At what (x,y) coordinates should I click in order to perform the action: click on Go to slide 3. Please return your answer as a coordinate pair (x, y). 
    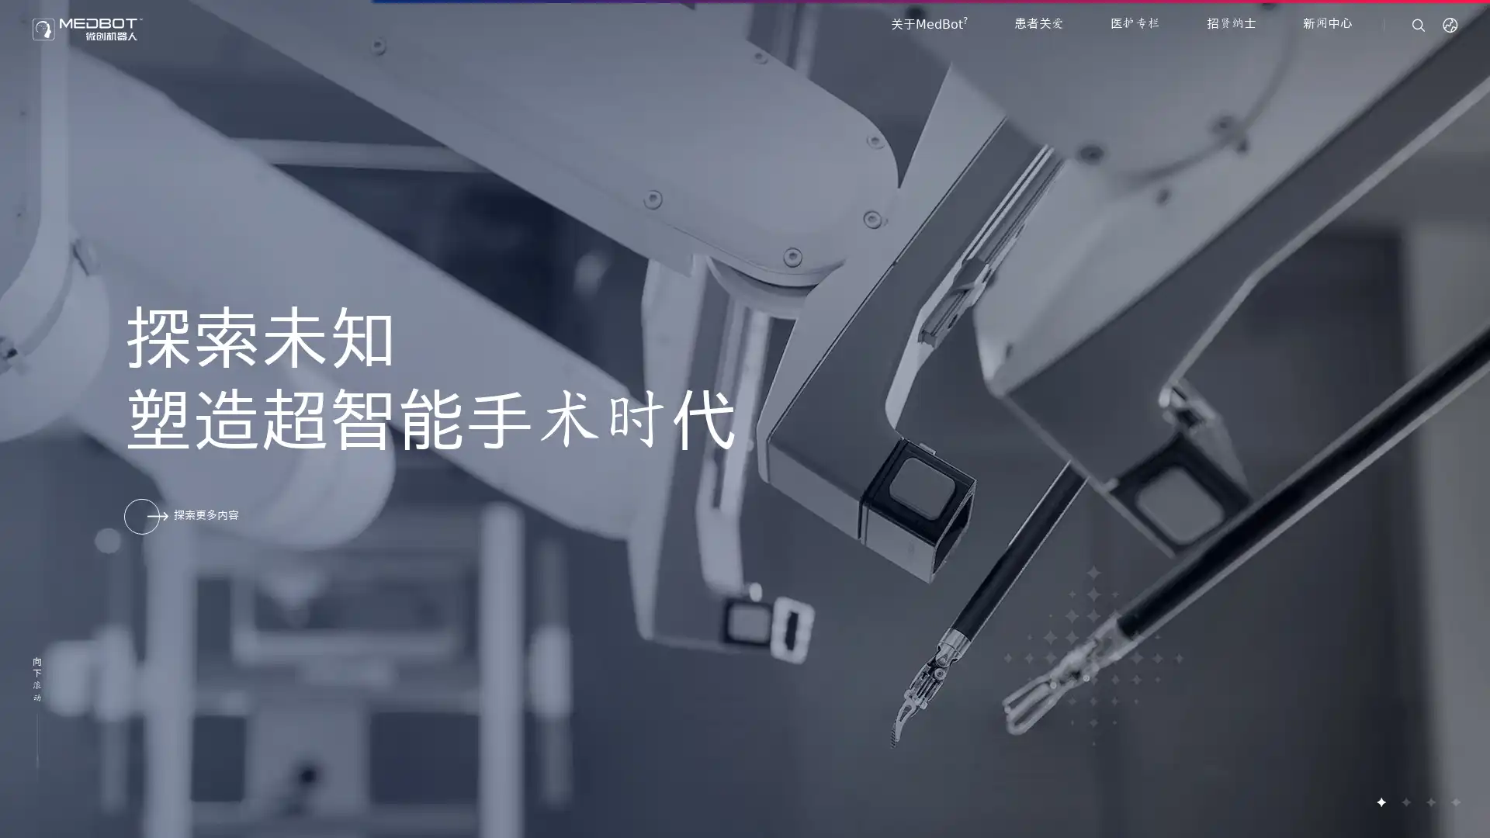
    Looking at the image, I should click on (1429, 802).